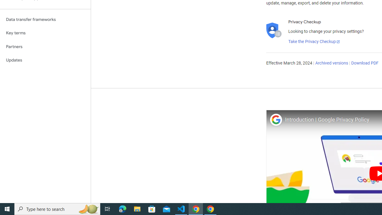 The width and height of the screenshot is (382, 215). Describe the element at coordinates (275, 119) in the screenshot. I see `'Photo image of Google'` at that location.